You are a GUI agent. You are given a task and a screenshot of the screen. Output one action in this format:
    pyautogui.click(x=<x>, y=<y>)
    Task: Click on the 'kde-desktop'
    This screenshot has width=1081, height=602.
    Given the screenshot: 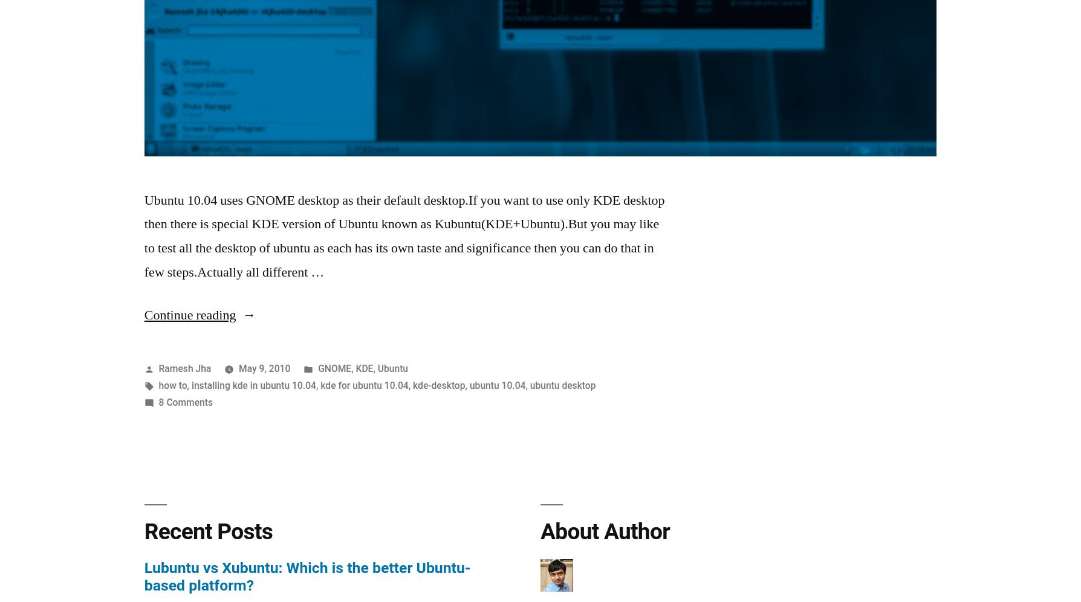 What is the action you would take?
    pyautogui.click(x=438, y=385)
    